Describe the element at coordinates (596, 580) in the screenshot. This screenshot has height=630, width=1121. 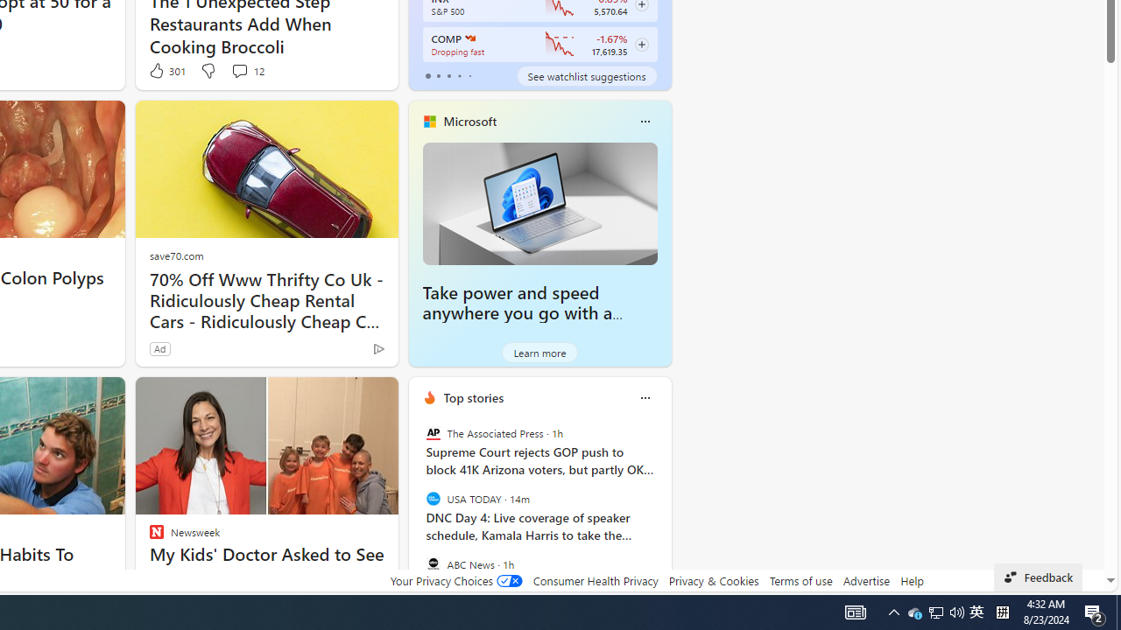
I see `'Consumer Health Privacy'` at that location.